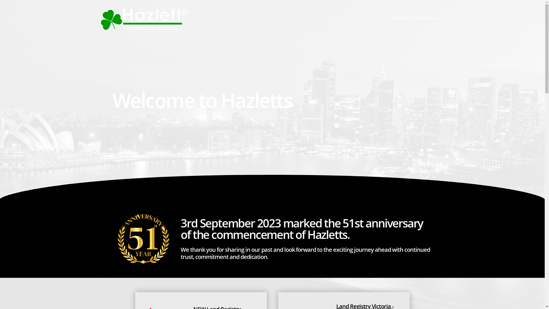 This screenshot has height=309, width=549. Describe the element at coordinates (390, 17) in the screenshot. I see `'Service Quick Access'` at that location.